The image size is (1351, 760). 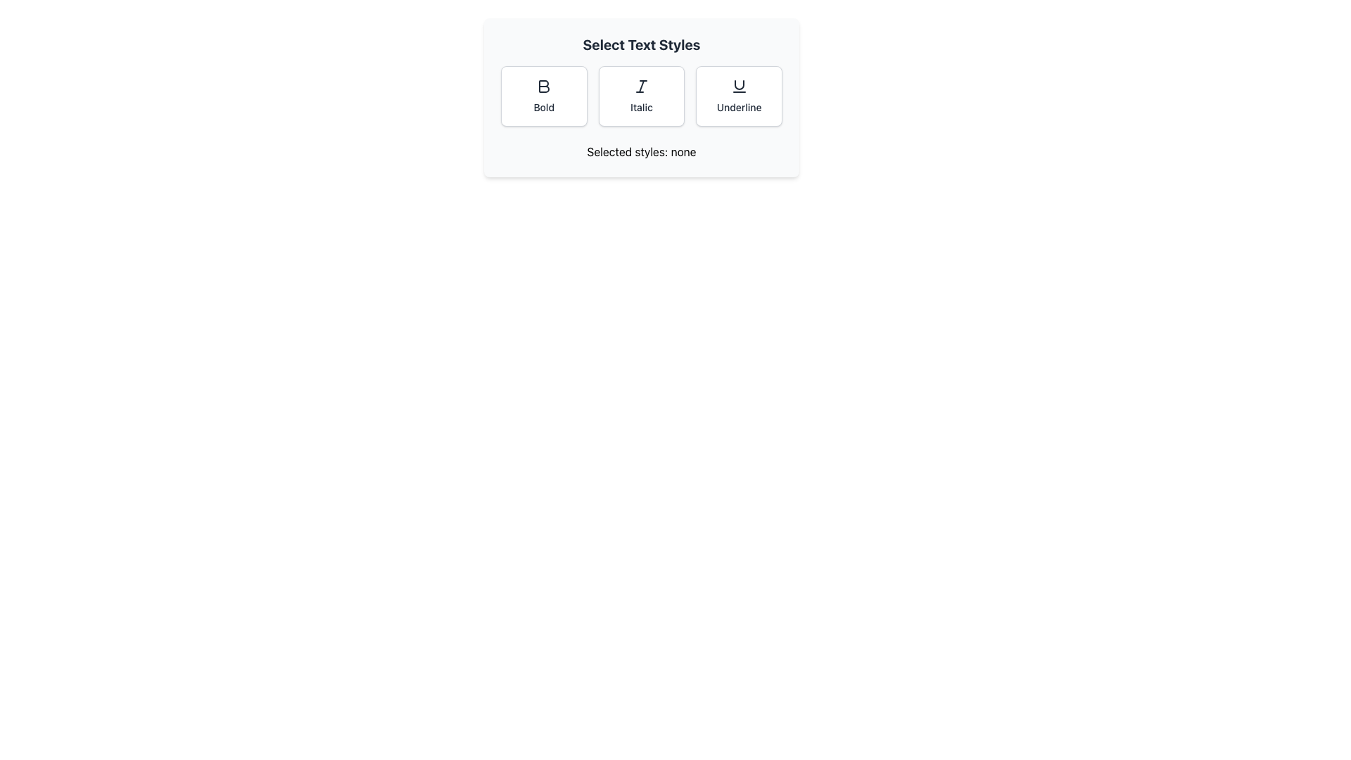 I want to click on the 'Italic' button by clicking it, which is represented by the SVG Line element forming the italicized 'I' symbol, so click(x=641, y=87).